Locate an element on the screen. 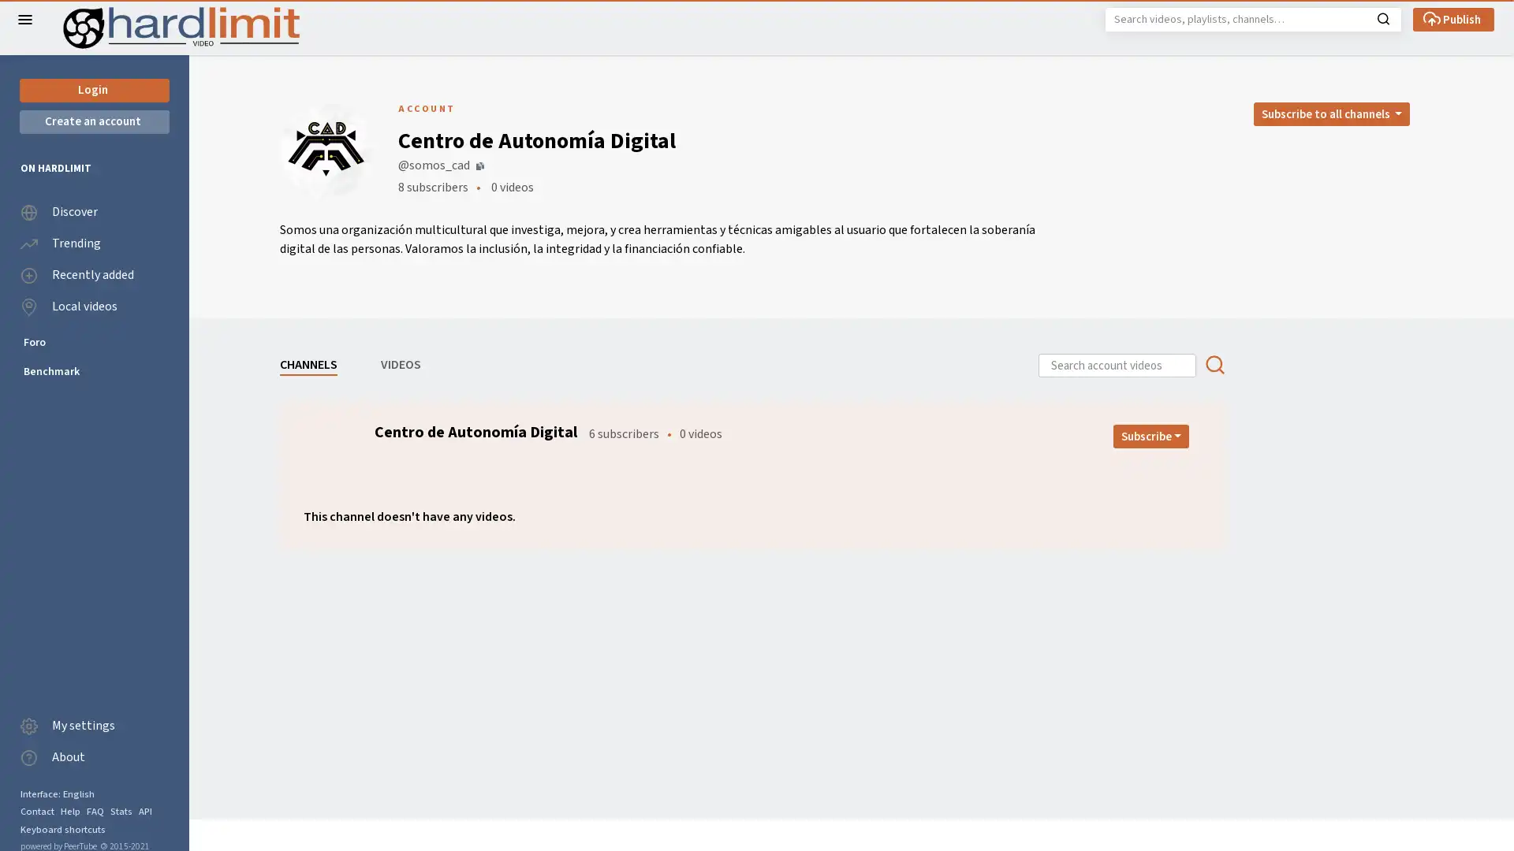 The image size is (1514, 851). Open subscription dropdown is located at coordinates (1330, 113).